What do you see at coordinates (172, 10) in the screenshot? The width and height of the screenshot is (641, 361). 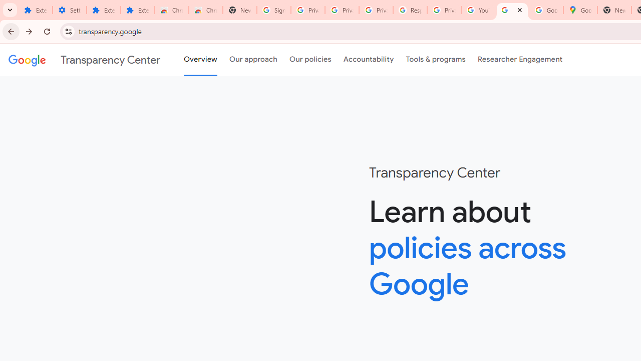 I see `'Chrome Web Store'` at bounding box center [172, 10].